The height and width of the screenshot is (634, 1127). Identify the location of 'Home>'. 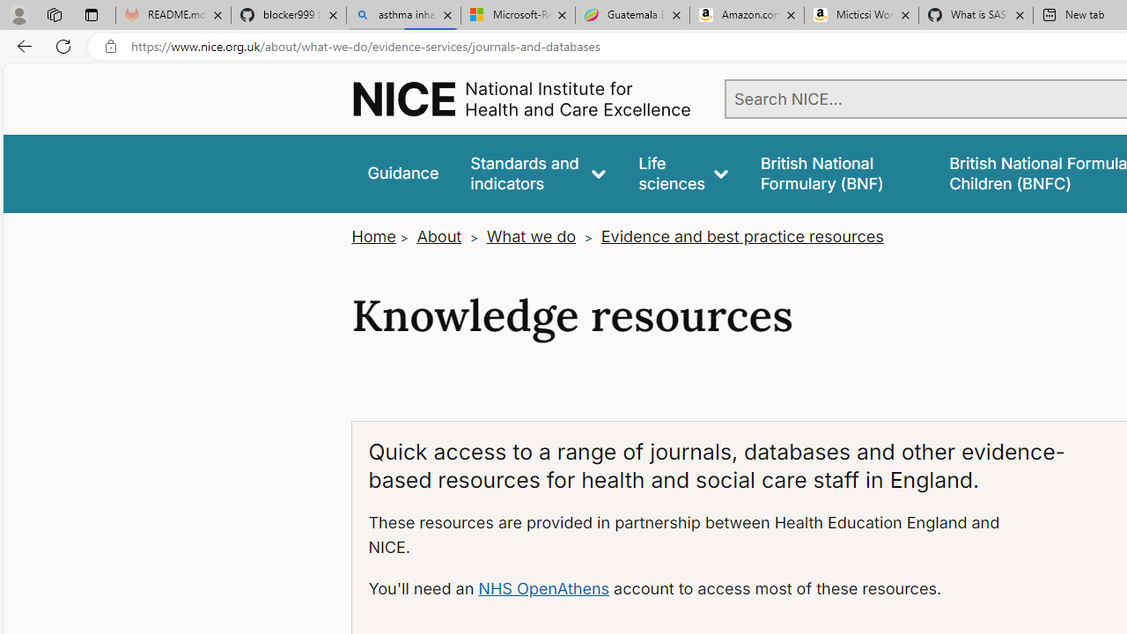
(380, 236).